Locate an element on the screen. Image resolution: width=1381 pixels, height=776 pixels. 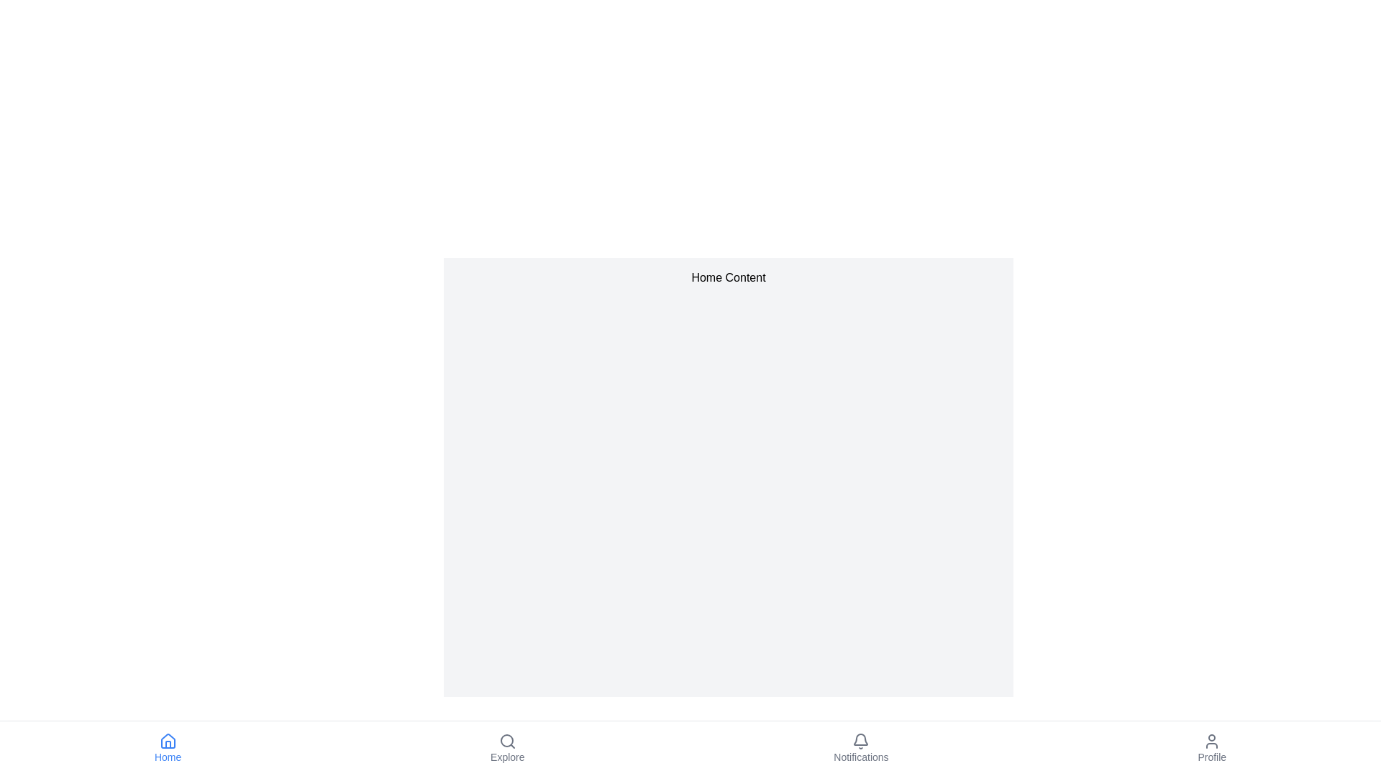
the user icon located near the bottom-right corner of the interface within the 'Profile' navigation item, positioned above the text 'Profile' is located at coordinates (1211, 742).